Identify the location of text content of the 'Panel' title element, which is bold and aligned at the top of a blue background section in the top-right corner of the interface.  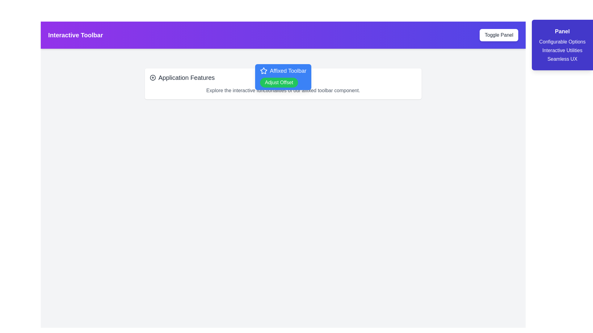
(562, 31).